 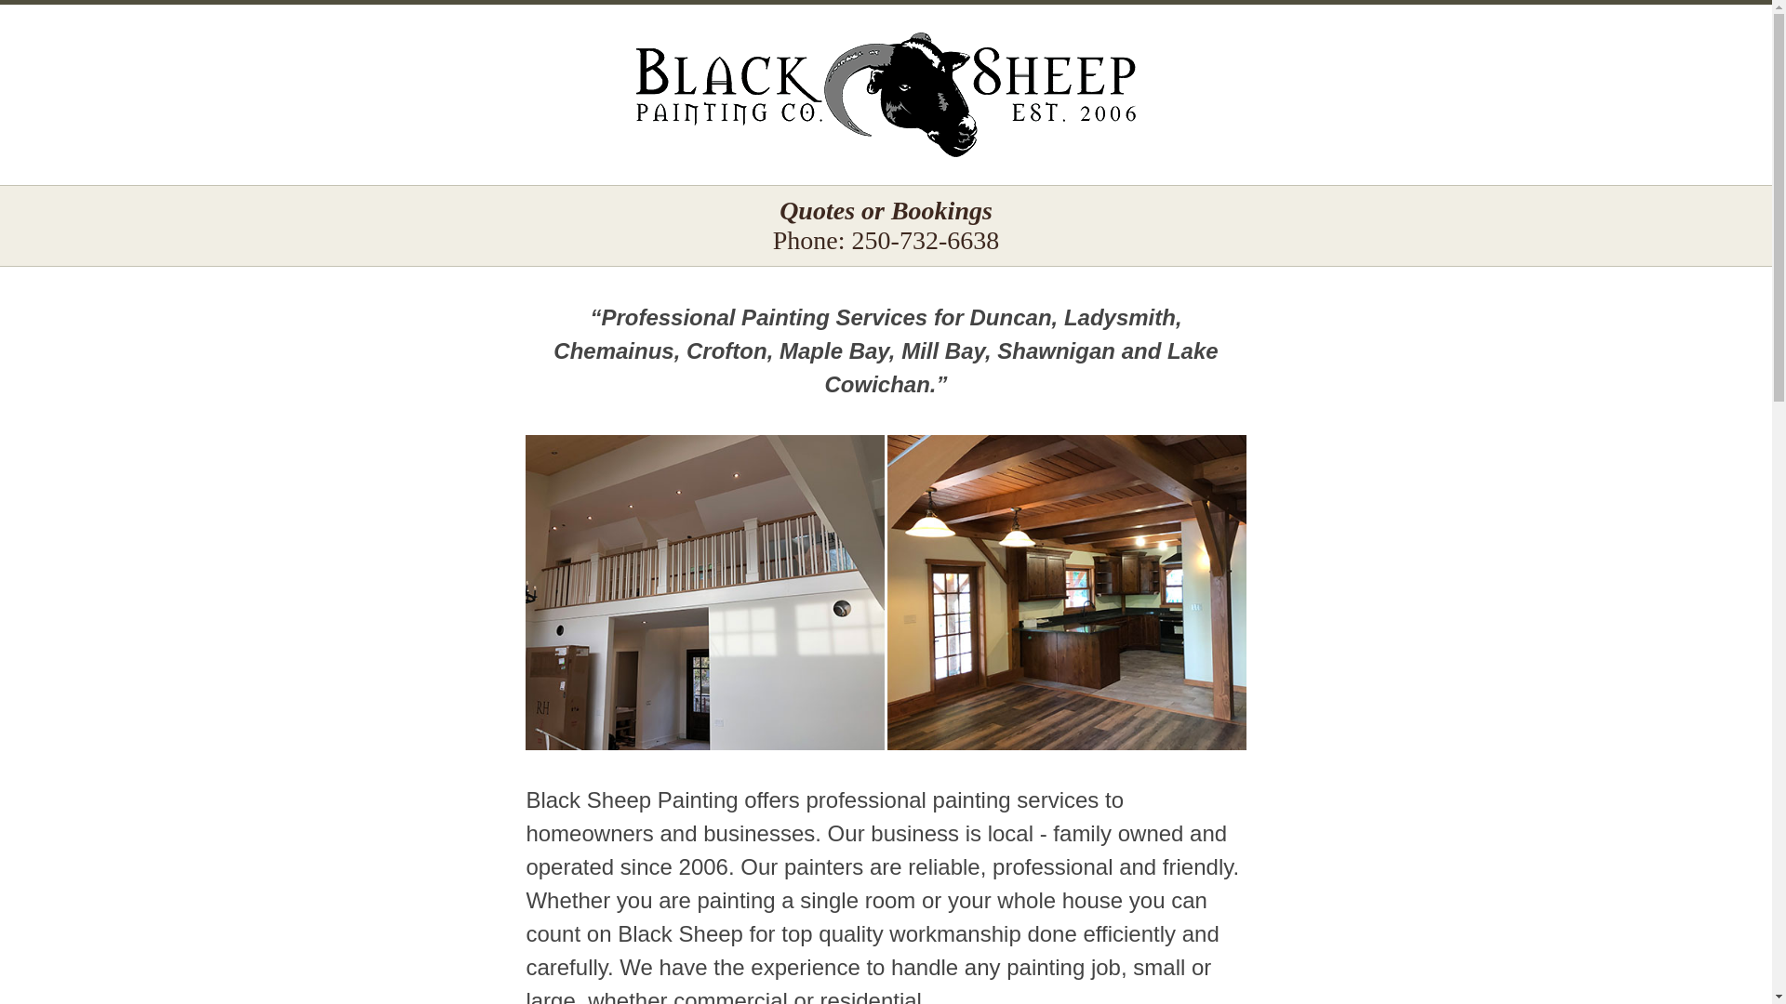 What do you see at coordinates (885, 94) in the screenshot?
I see `'Black Sheep Painting'` at bounding box center [885, 94].